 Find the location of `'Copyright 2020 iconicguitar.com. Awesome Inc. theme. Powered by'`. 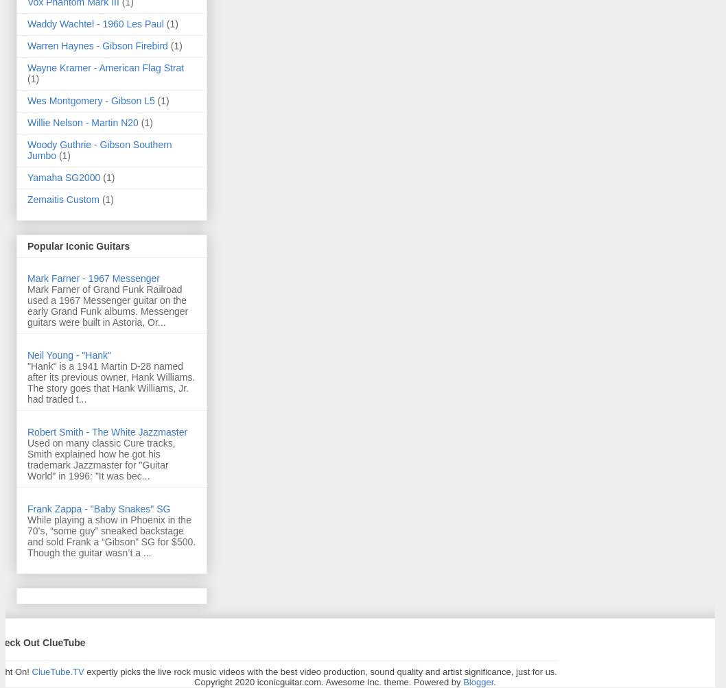

'Copyright 2020 iconicguitar.com. Awesome Inc. theme. Powered by' is located at coordinates (327, 680).